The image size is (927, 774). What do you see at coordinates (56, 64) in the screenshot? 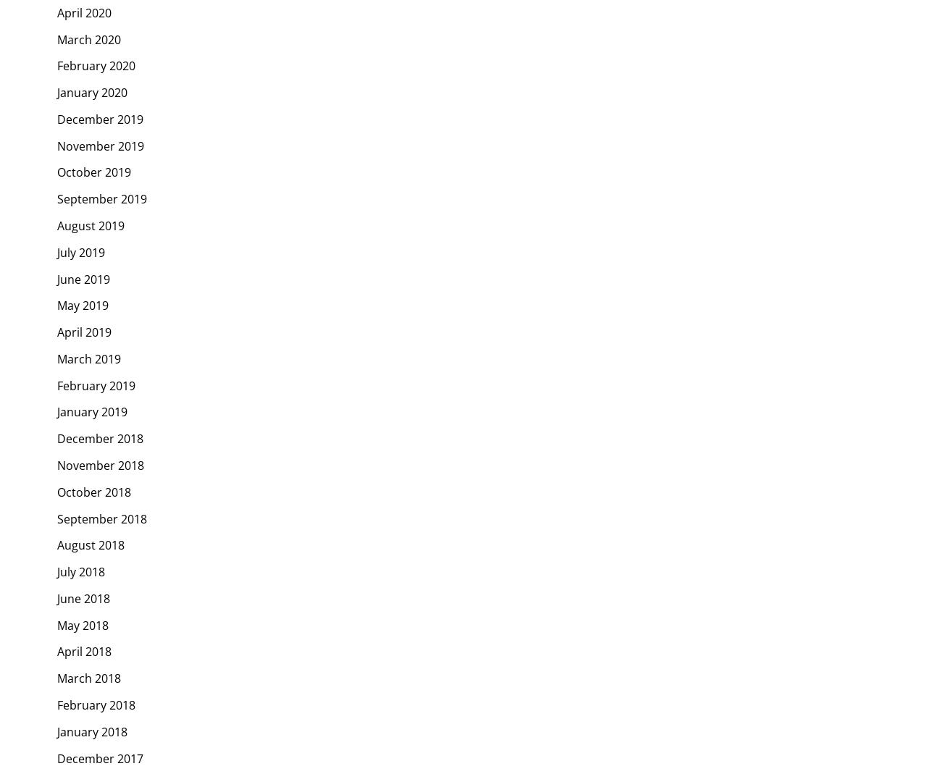
I see `'February 2020'` at bounding box center [56, 64].